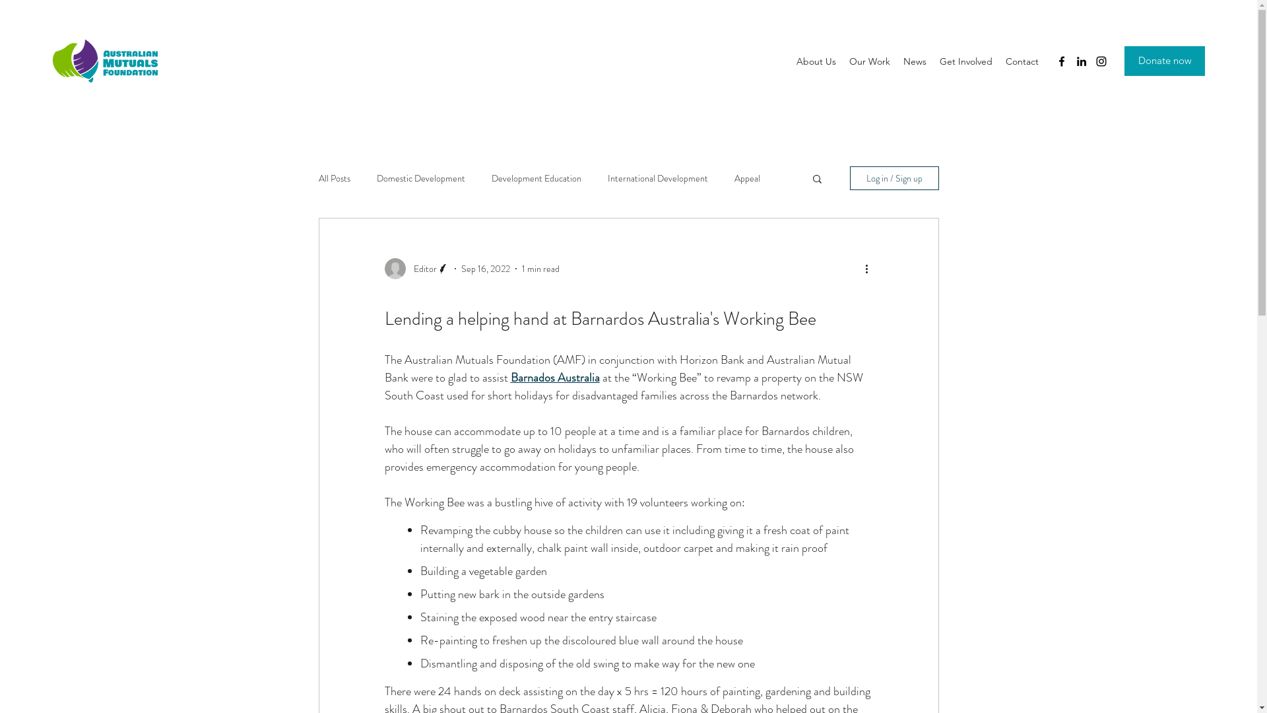 This screenshot has width=1267, height=713. What do you see at coordinates (657, 178) in the screenshot?
I see `'International Development'` at bounding box center [657, 178].